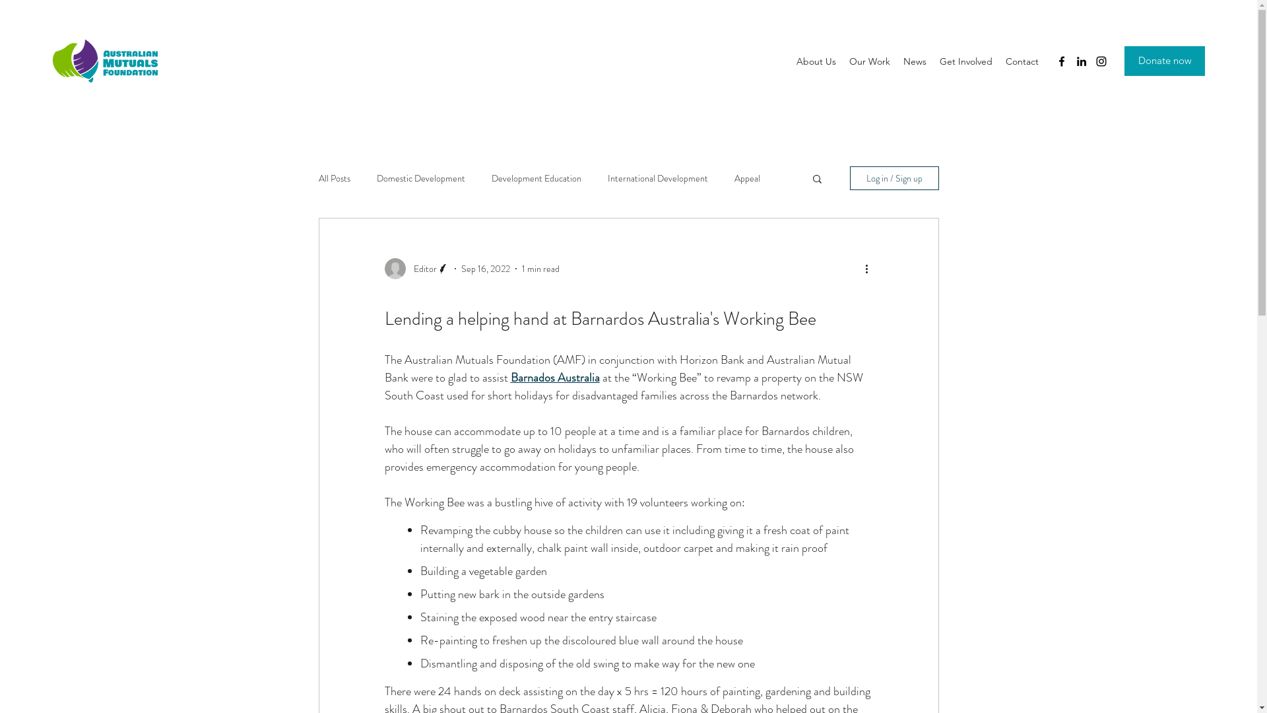 This screenshot has width=1267, height=713. What do you see at coordinates (657, 178) in the screenshot?
I see `'International Development'` at bounding box center [657, 178].